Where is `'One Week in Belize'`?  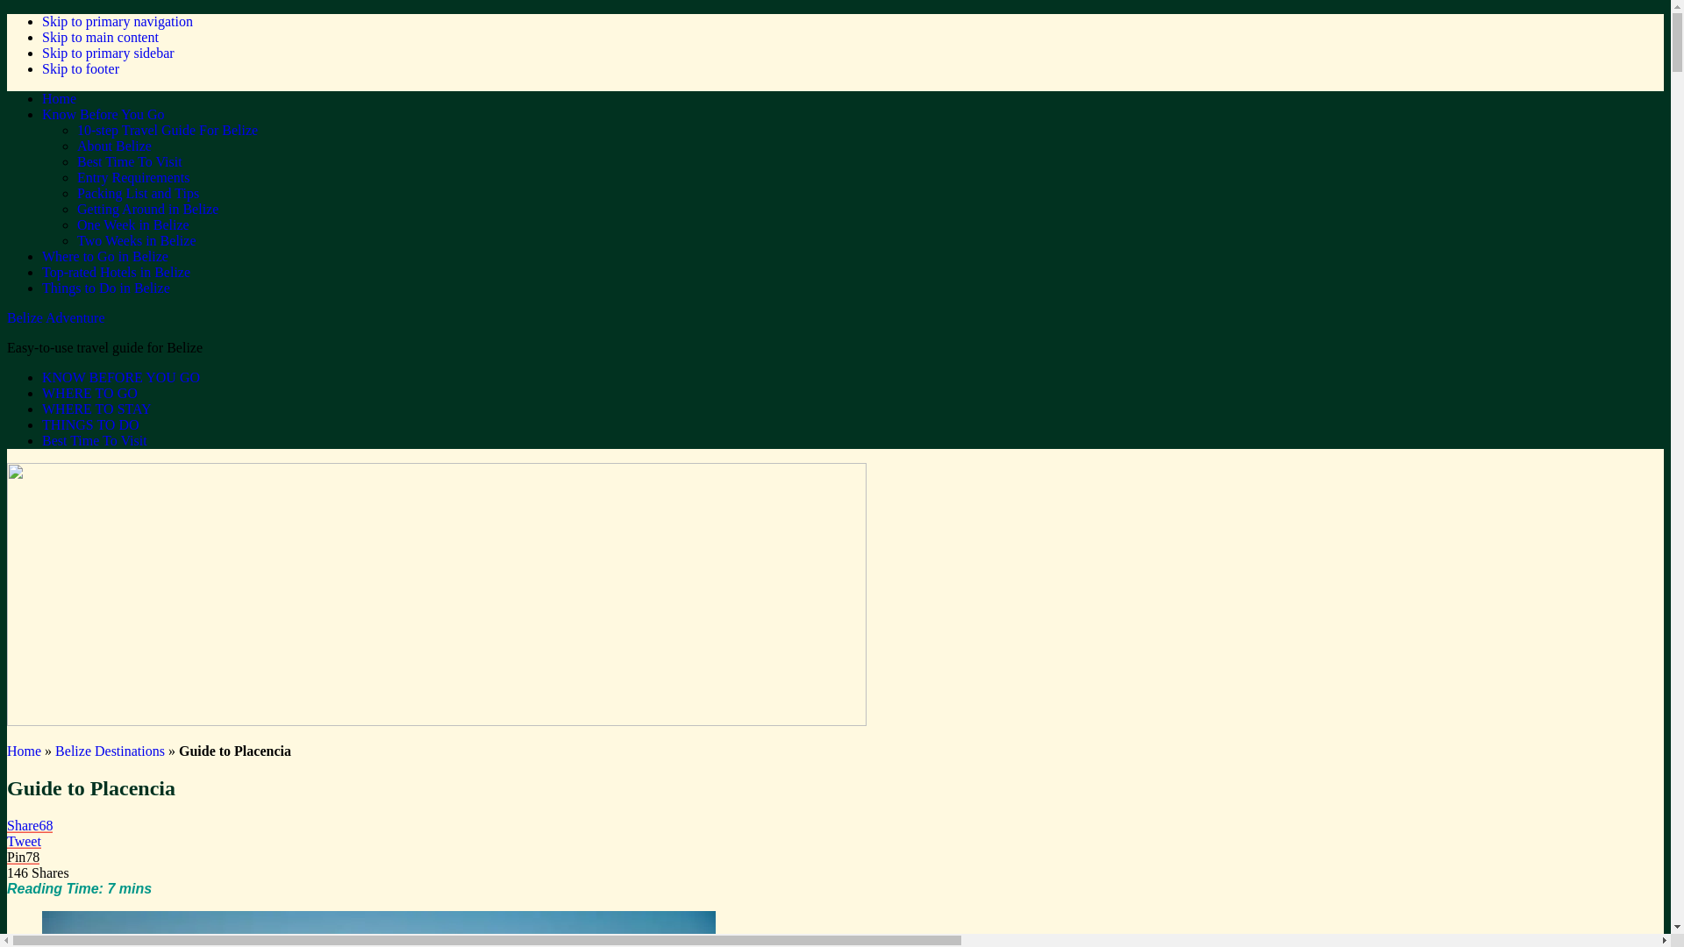
'One Week in Belize' is located at coordinates (132, 224).